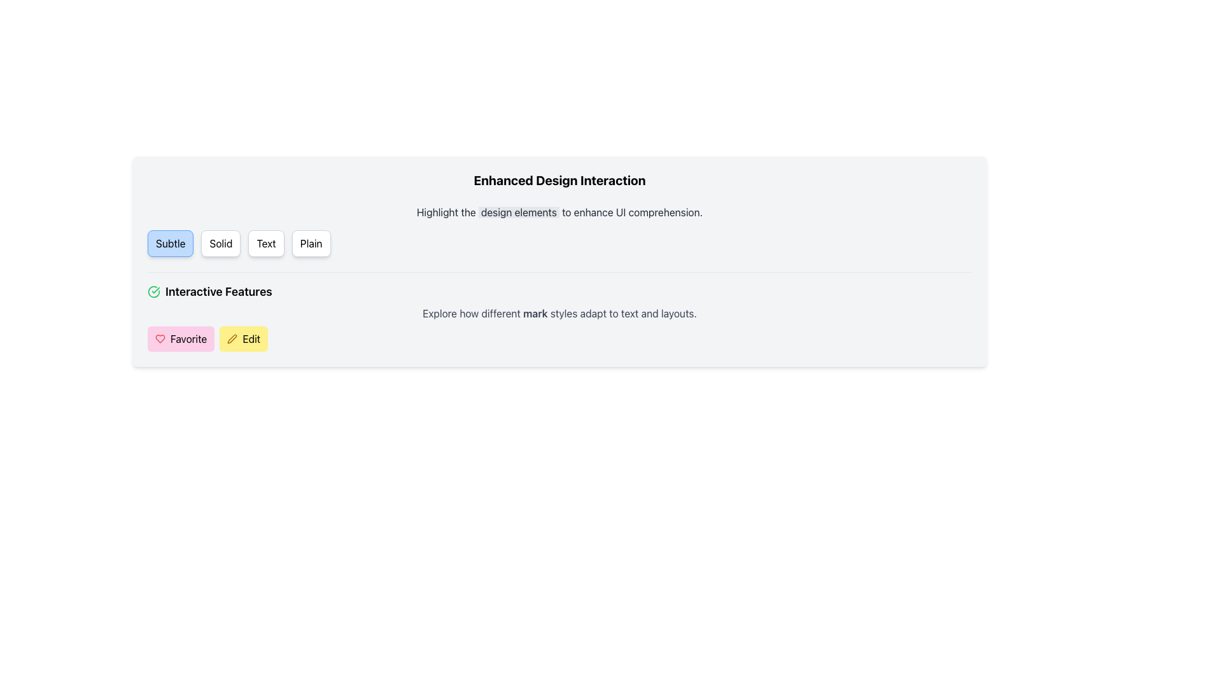  Describe the element at coordinates (265, 243) in the screenshot. I see `the rectangular button labeled 'Text' with a white background and rounded corners, located in the third position among four buttons in a row` at that location.